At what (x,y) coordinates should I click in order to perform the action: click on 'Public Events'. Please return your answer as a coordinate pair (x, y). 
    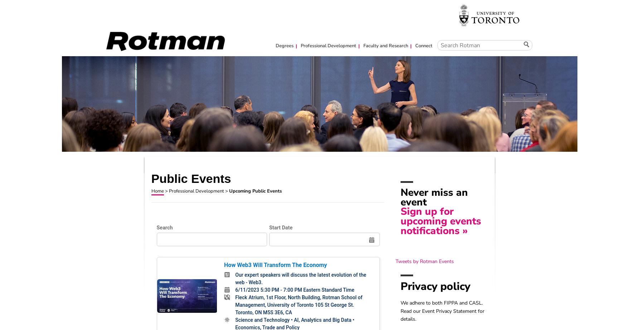
    Looking at the image, I should click on (191, 178).